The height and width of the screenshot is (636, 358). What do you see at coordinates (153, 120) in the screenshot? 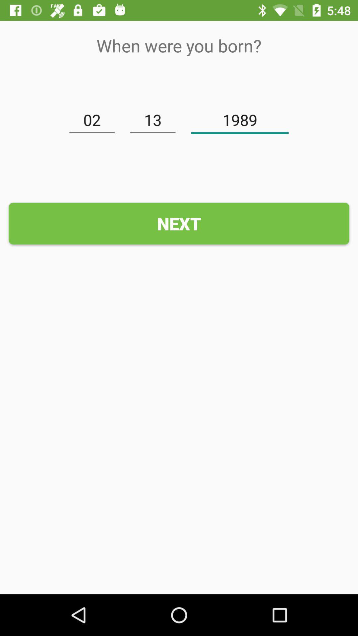
I see `item next to 1989 icon` at bounding box center [153, 120].